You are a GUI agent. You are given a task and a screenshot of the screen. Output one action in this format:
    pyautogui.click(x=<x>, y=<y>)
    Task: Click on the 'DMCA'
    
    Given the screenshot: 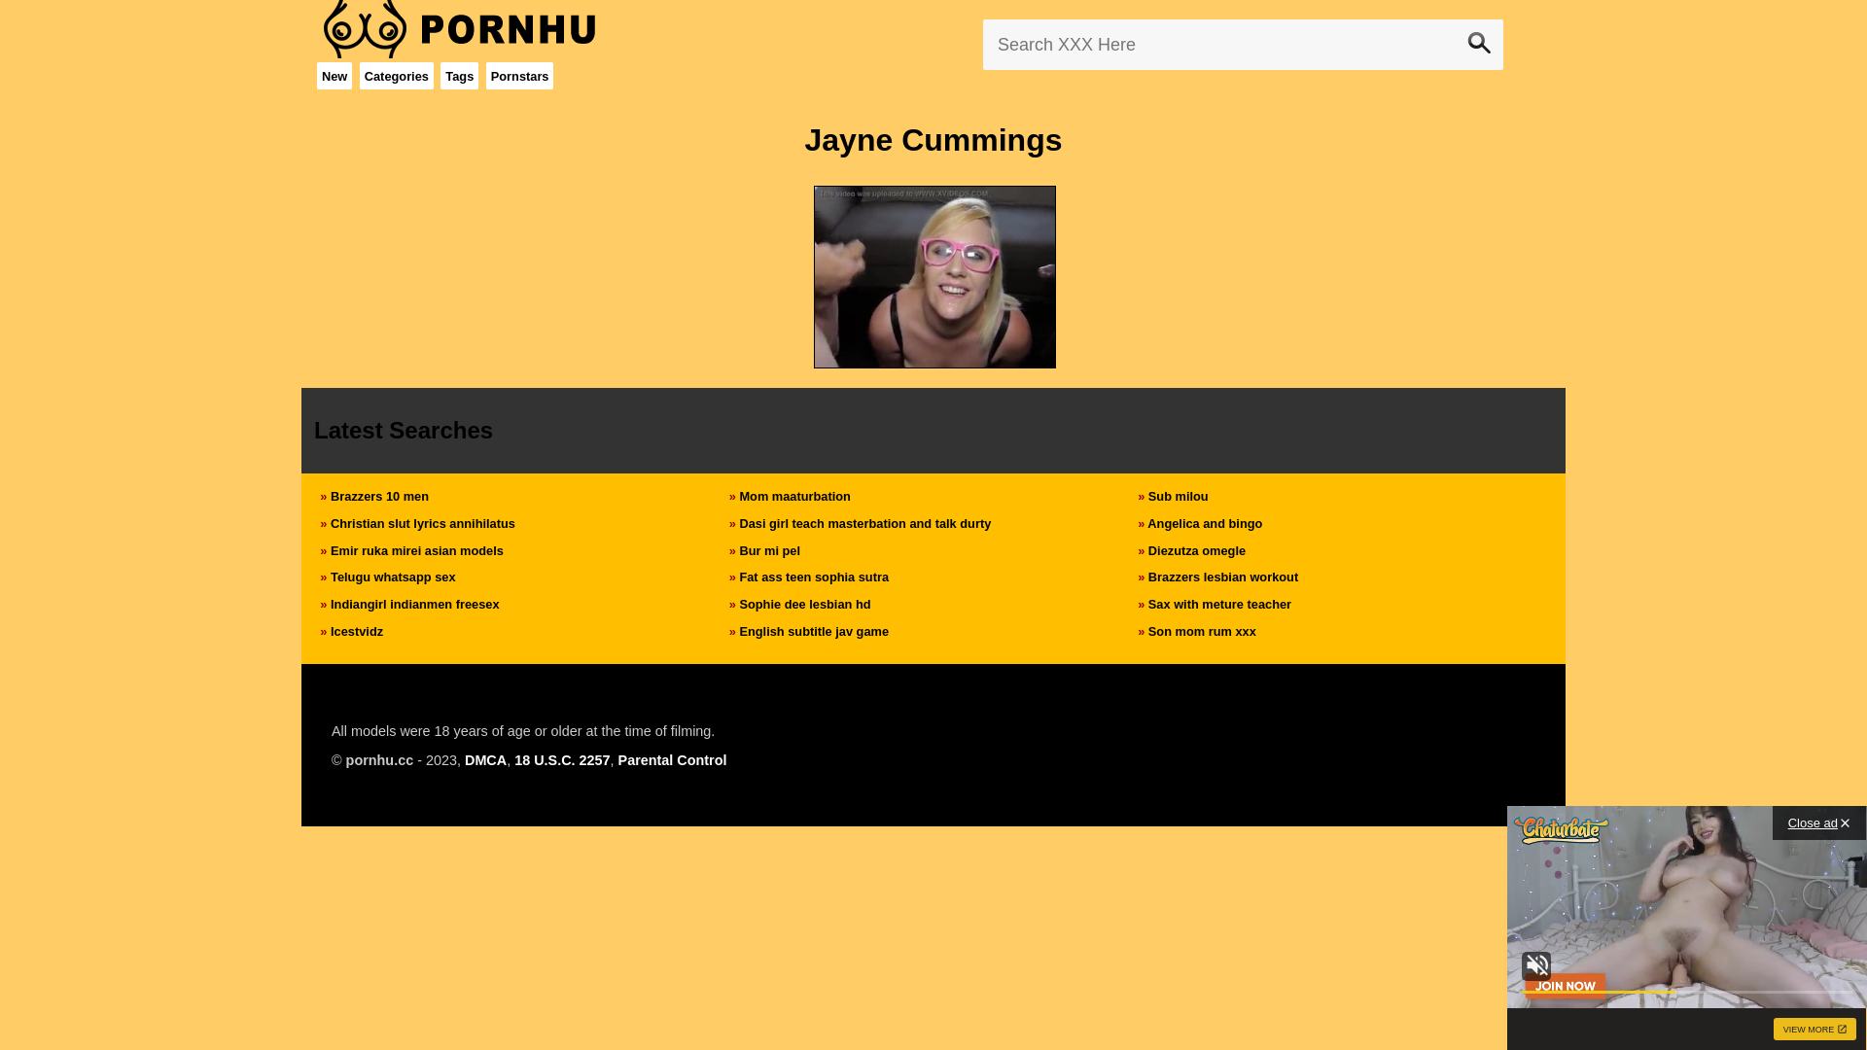 What is the action you would take?
    pyautogui.click(x=485, y=759)
    